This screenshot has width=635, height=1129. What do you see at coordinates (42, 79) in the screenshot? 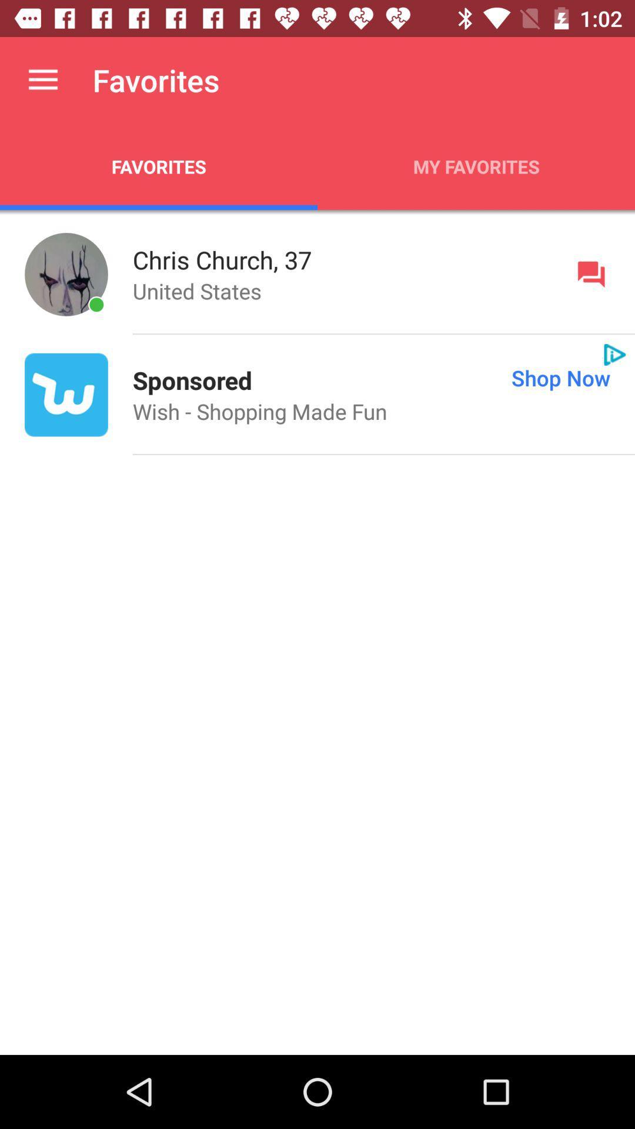
I see `the app to the left of the favorites app` at bounding box center [42, 79].